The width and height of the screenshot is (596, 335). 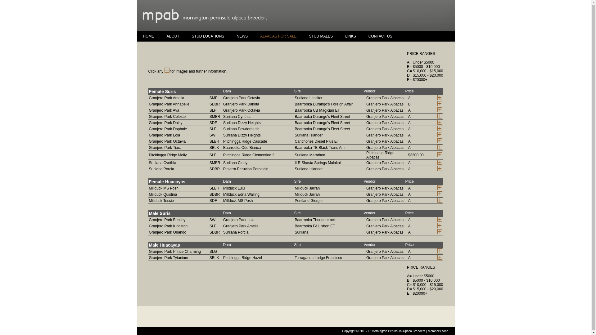 What do you see at coordinates (208, 36) in the screenshot?
I see `'STUD LOCATIONS'` at bounding box center [208, 36].